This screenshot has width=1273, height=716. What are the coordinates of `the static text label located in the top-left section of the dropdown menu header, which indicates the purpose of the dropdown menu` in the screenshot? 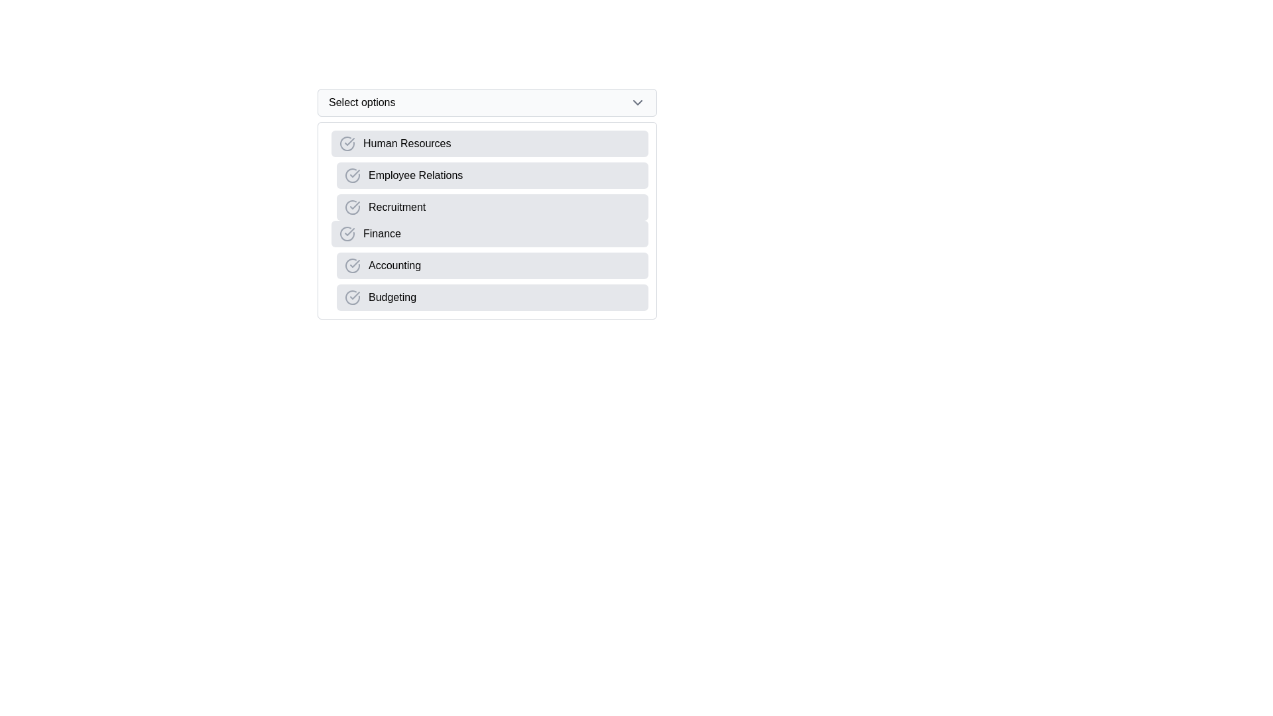 It's located at (362, 101).